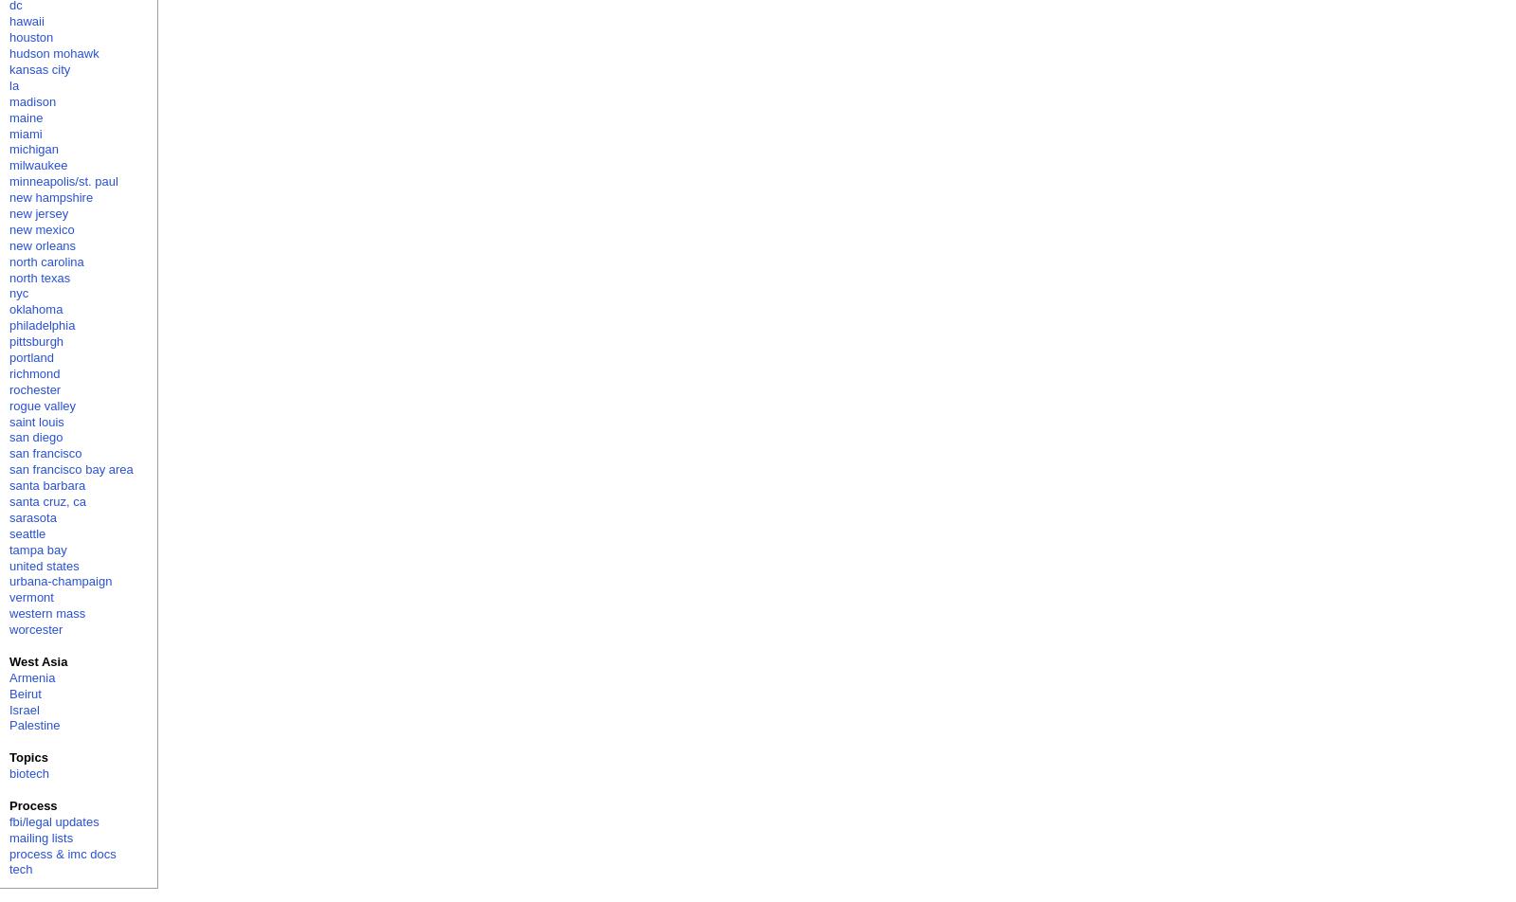 The image size is (1516, 902). Describe the element at coordinates (45, 613) in the screenshot. I see `'western mass'` at that location.